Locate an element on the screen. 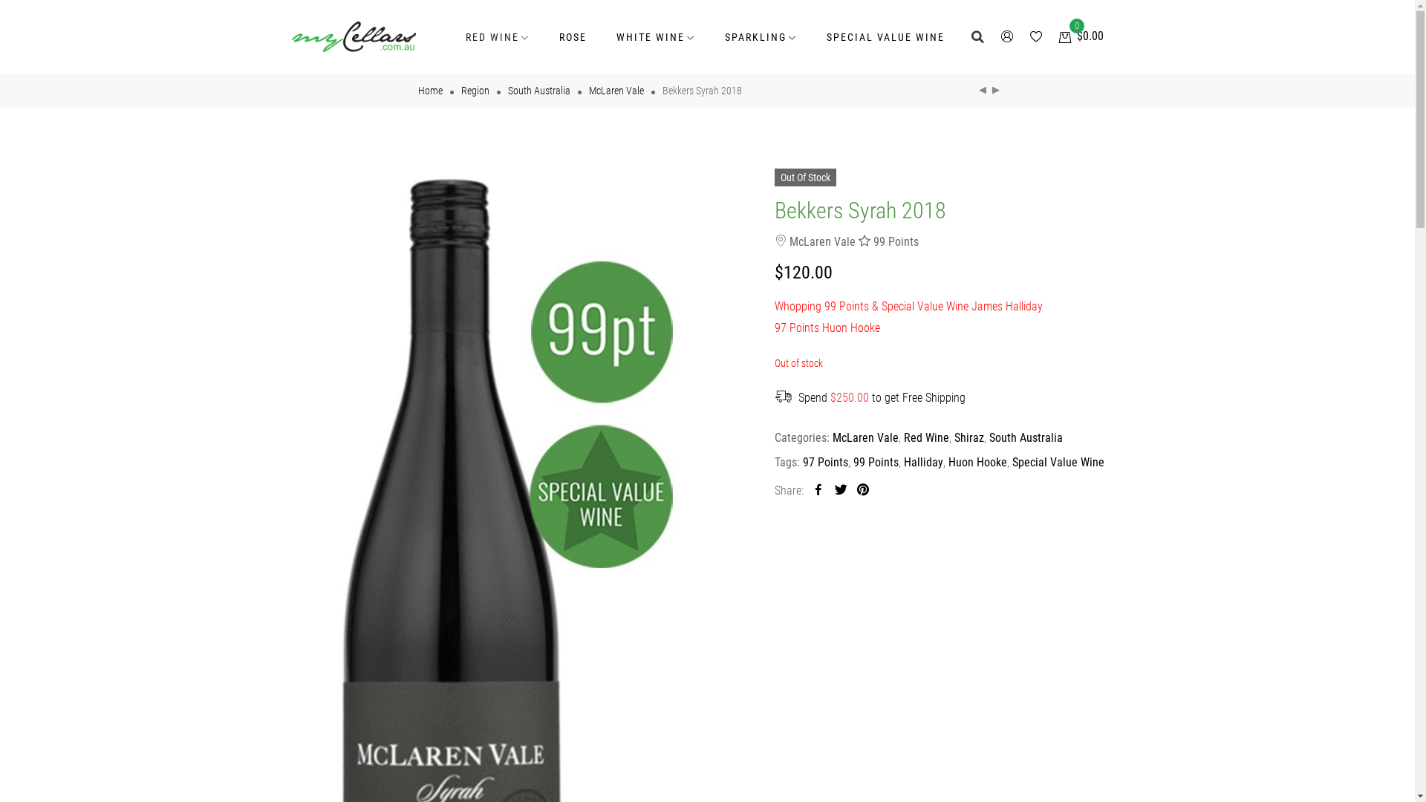  'Halliday' is located at coordinates (922, 461).